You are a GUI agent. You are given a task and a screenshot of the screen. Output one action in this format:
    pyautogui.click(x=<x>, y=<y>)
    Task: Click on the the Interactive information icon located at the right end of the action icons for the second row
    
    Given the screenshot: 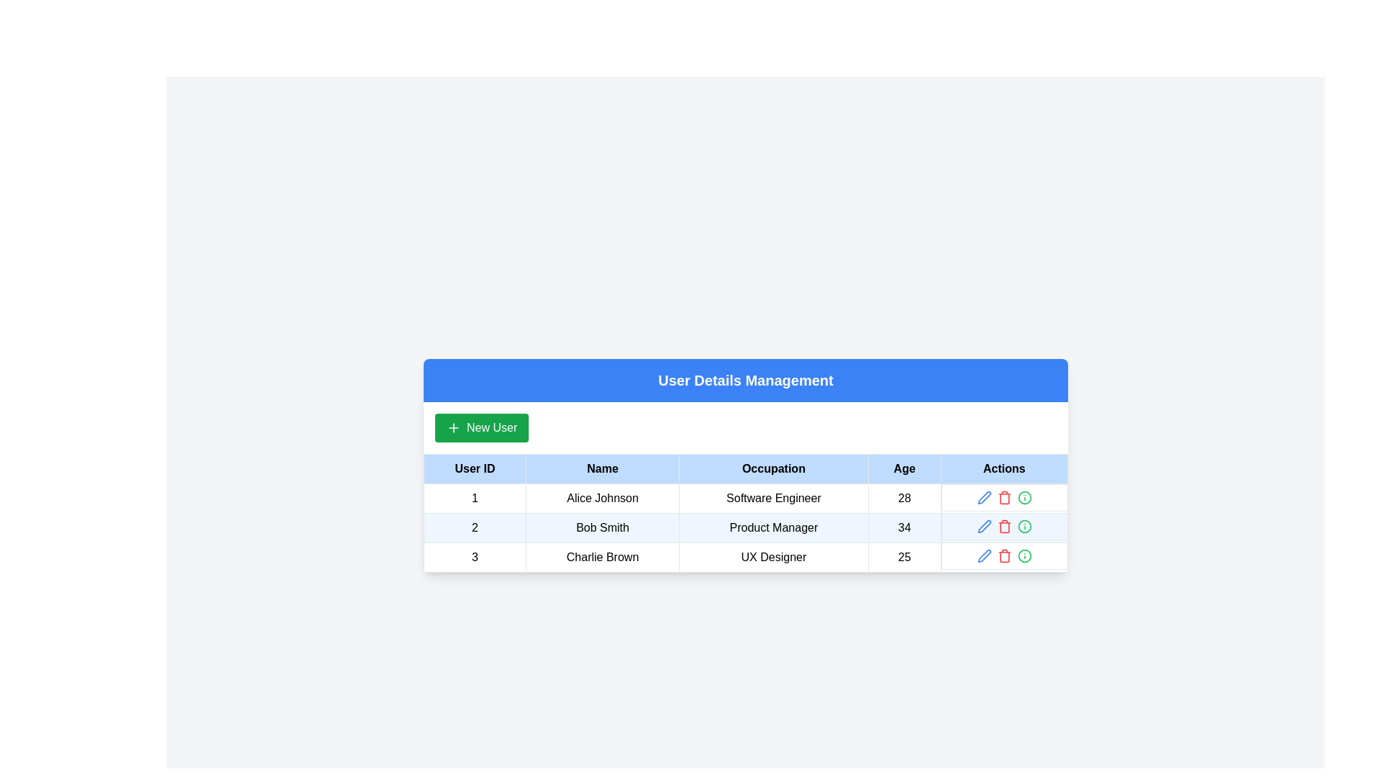 What is the action you would take?
    pyautogui.click(x=1024, y=527)
    